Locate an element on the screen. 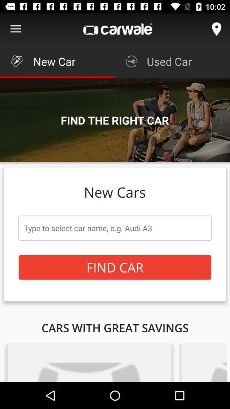 Image resolution: width=230 pixels, height=409 pixels. show main menu is located at coordinates (15, 29).